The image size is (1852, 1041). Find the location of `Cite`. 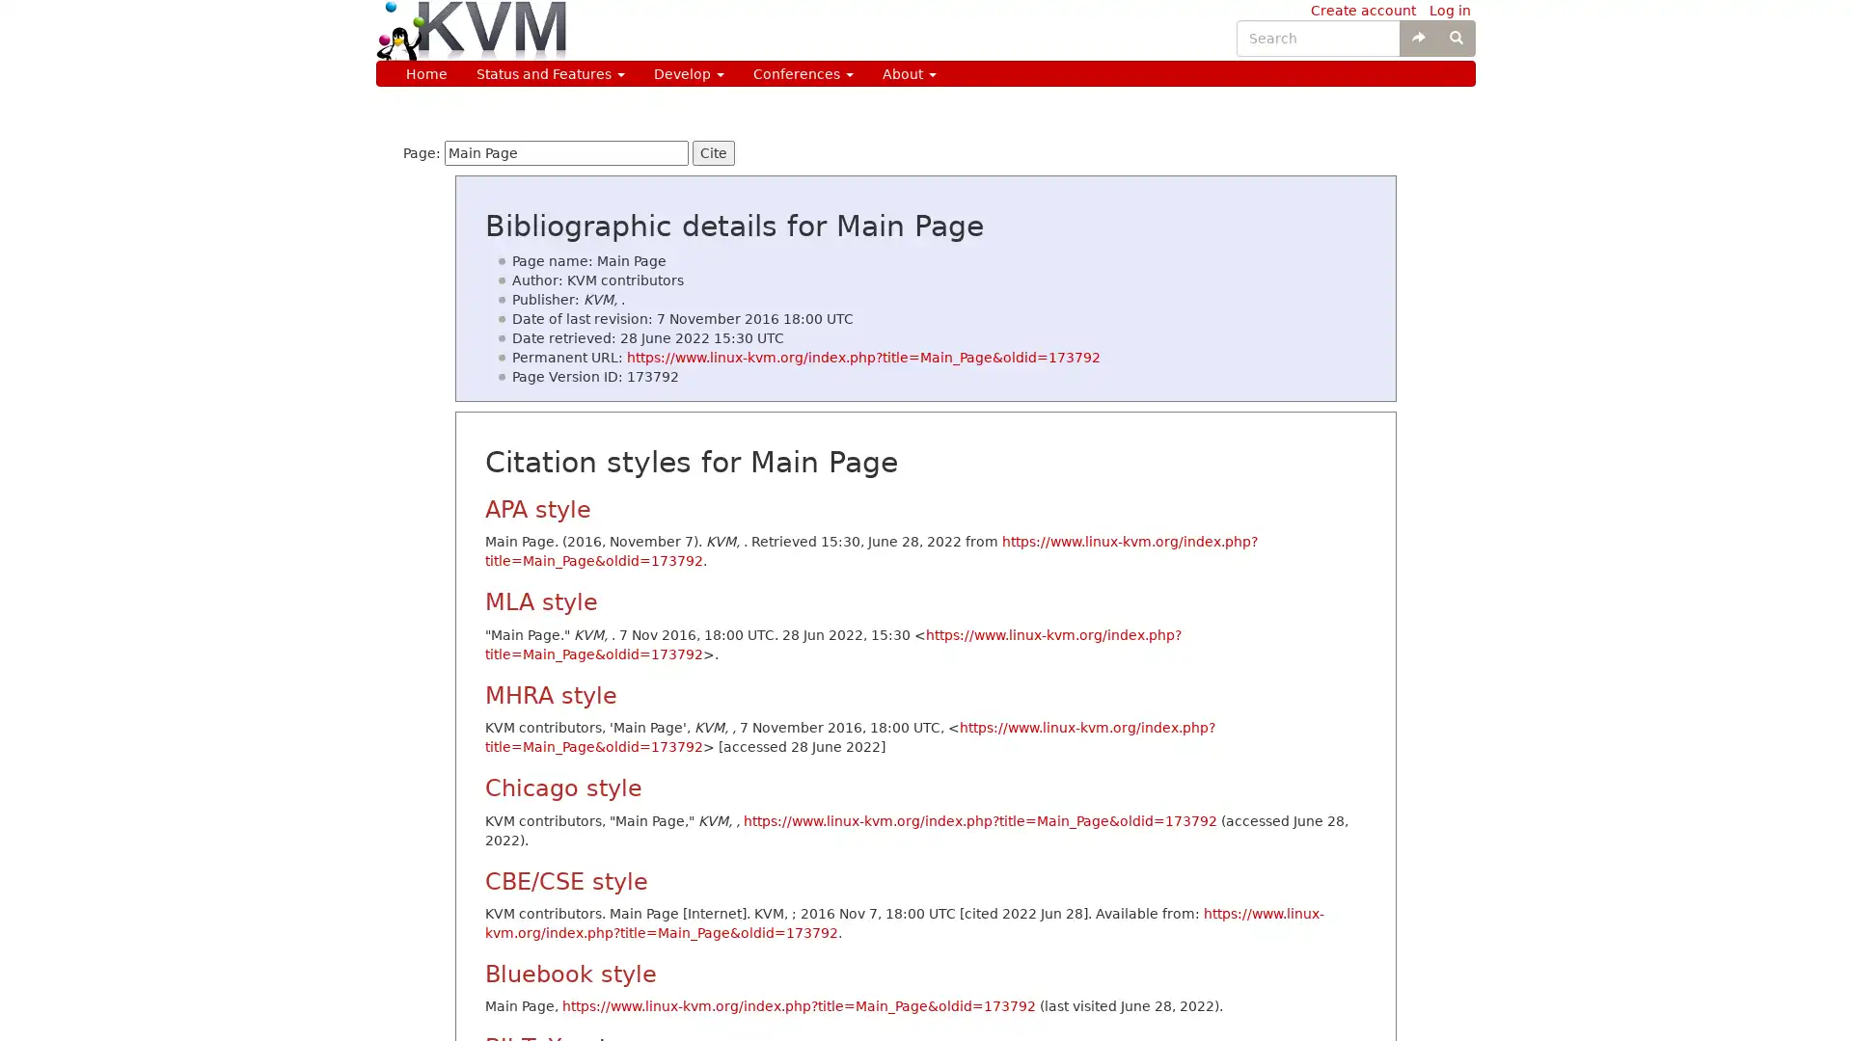

Cite is located at coordinates (712, 151).